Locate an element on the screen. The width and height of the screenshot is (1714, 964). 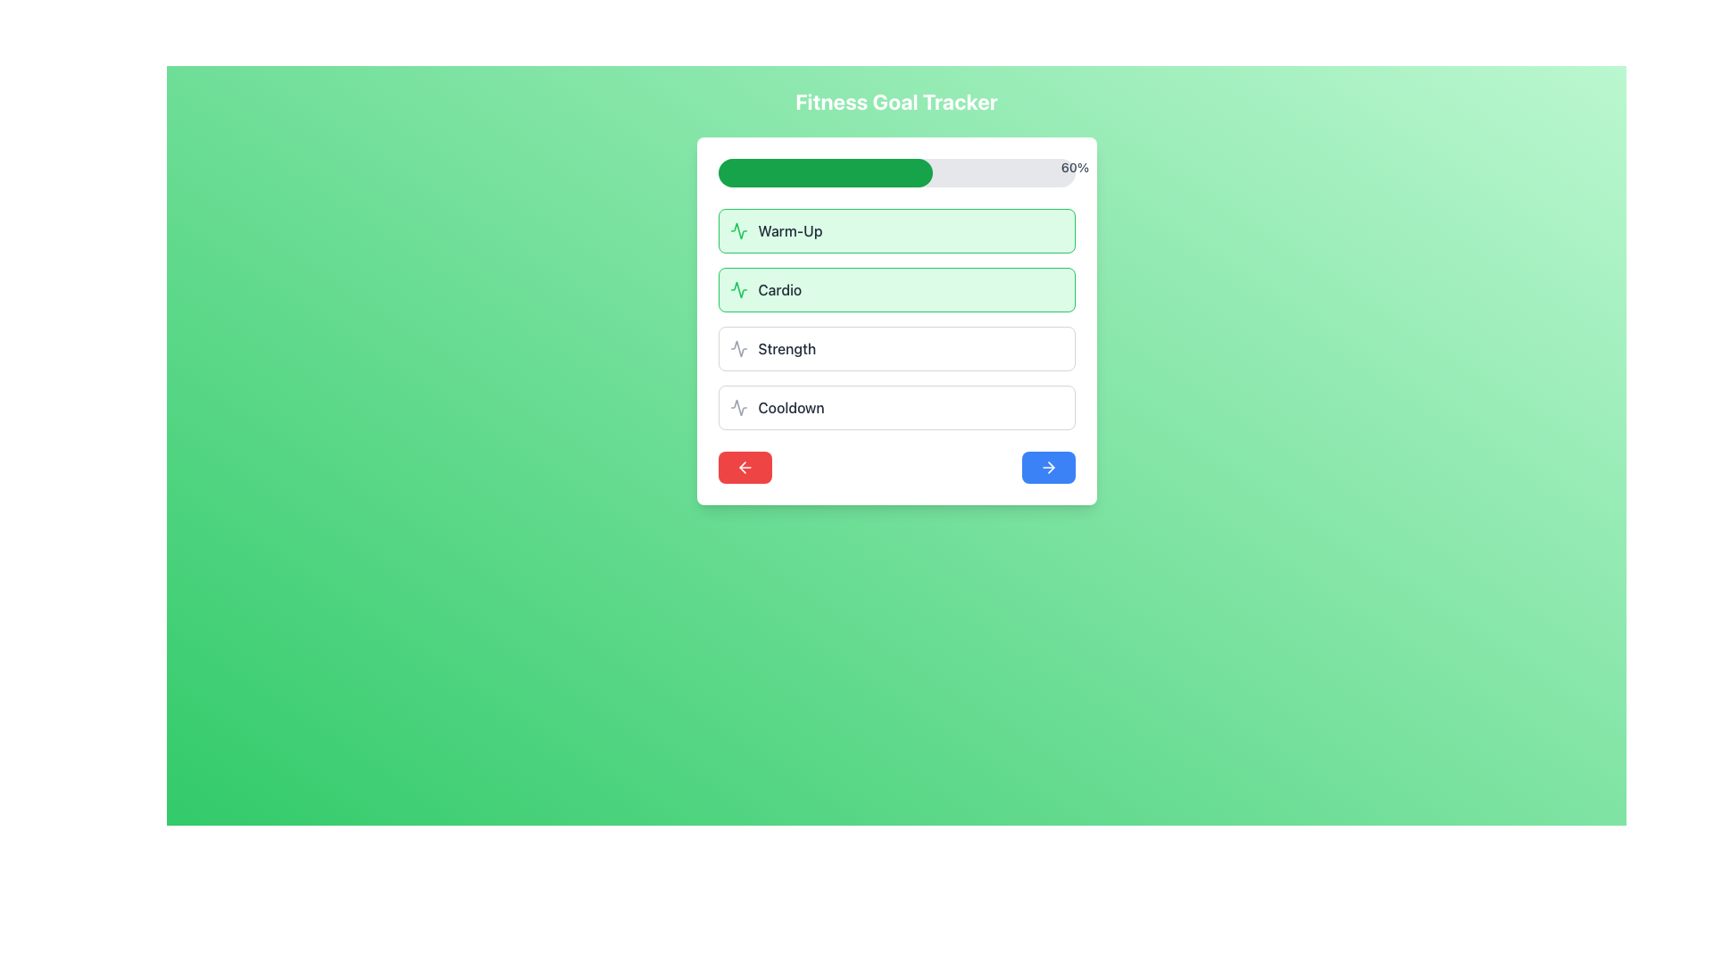
the outlined arrow icon on the blue button located at the bottom-right of the interface card is located at coordinates (1048, 467).